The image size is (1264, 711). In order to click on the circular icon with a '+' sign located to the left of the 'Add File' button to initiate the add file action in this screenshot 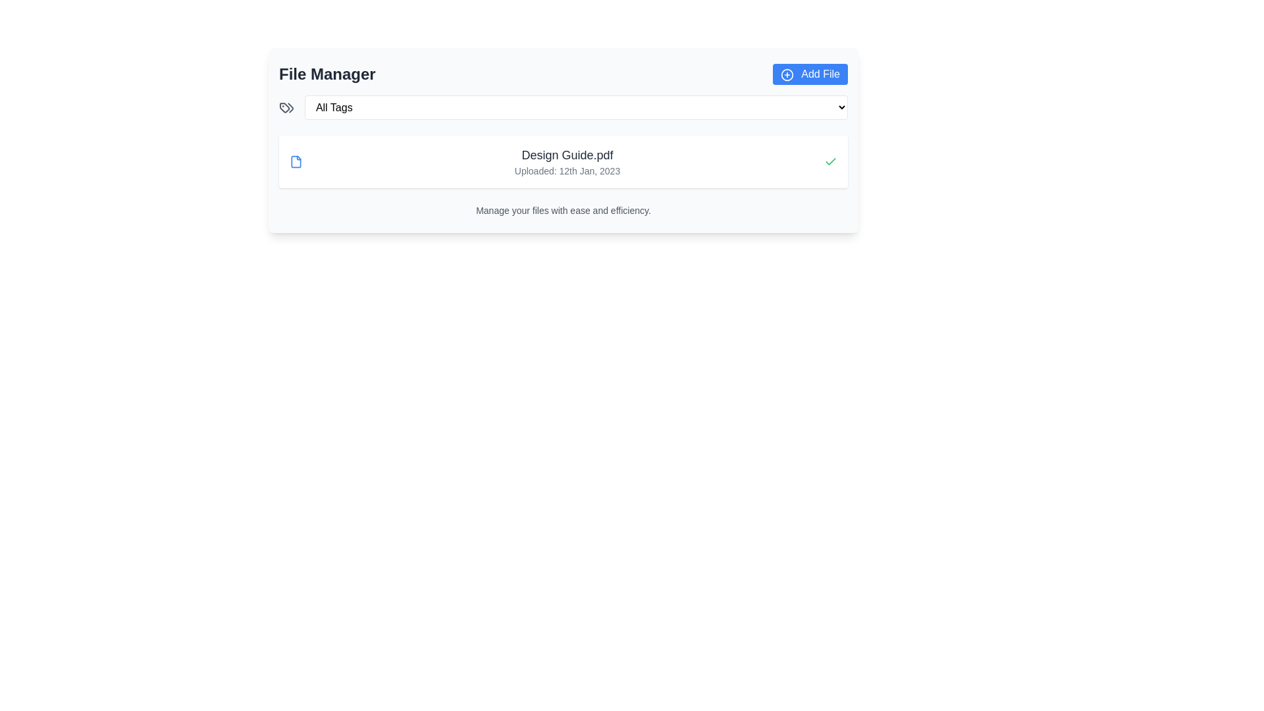, I will do `click(787, 74)`.